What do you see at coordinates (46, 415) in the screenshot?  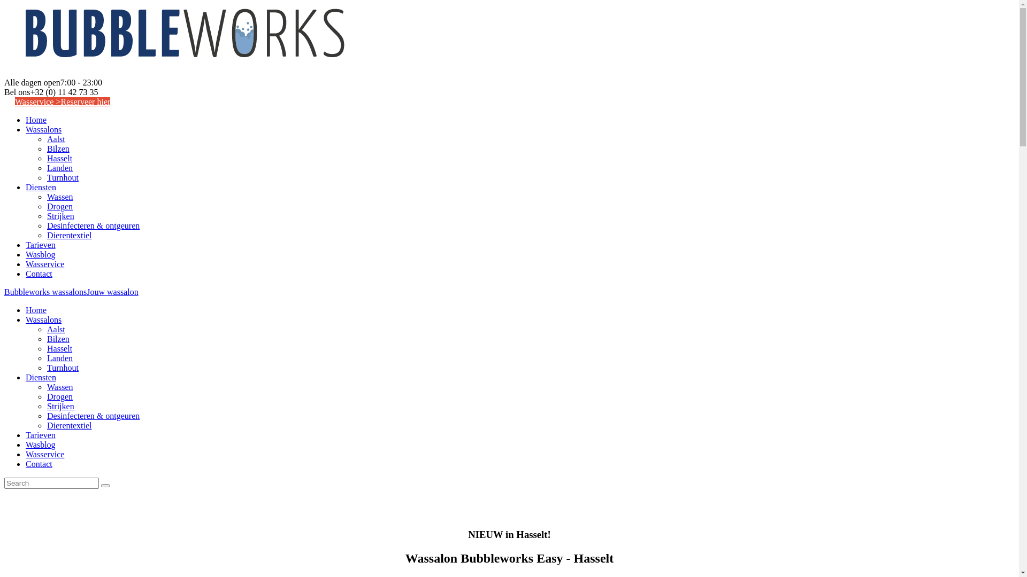 I see `'Desinfecteren & ontgeuren'` at bounding box center [46, 415].